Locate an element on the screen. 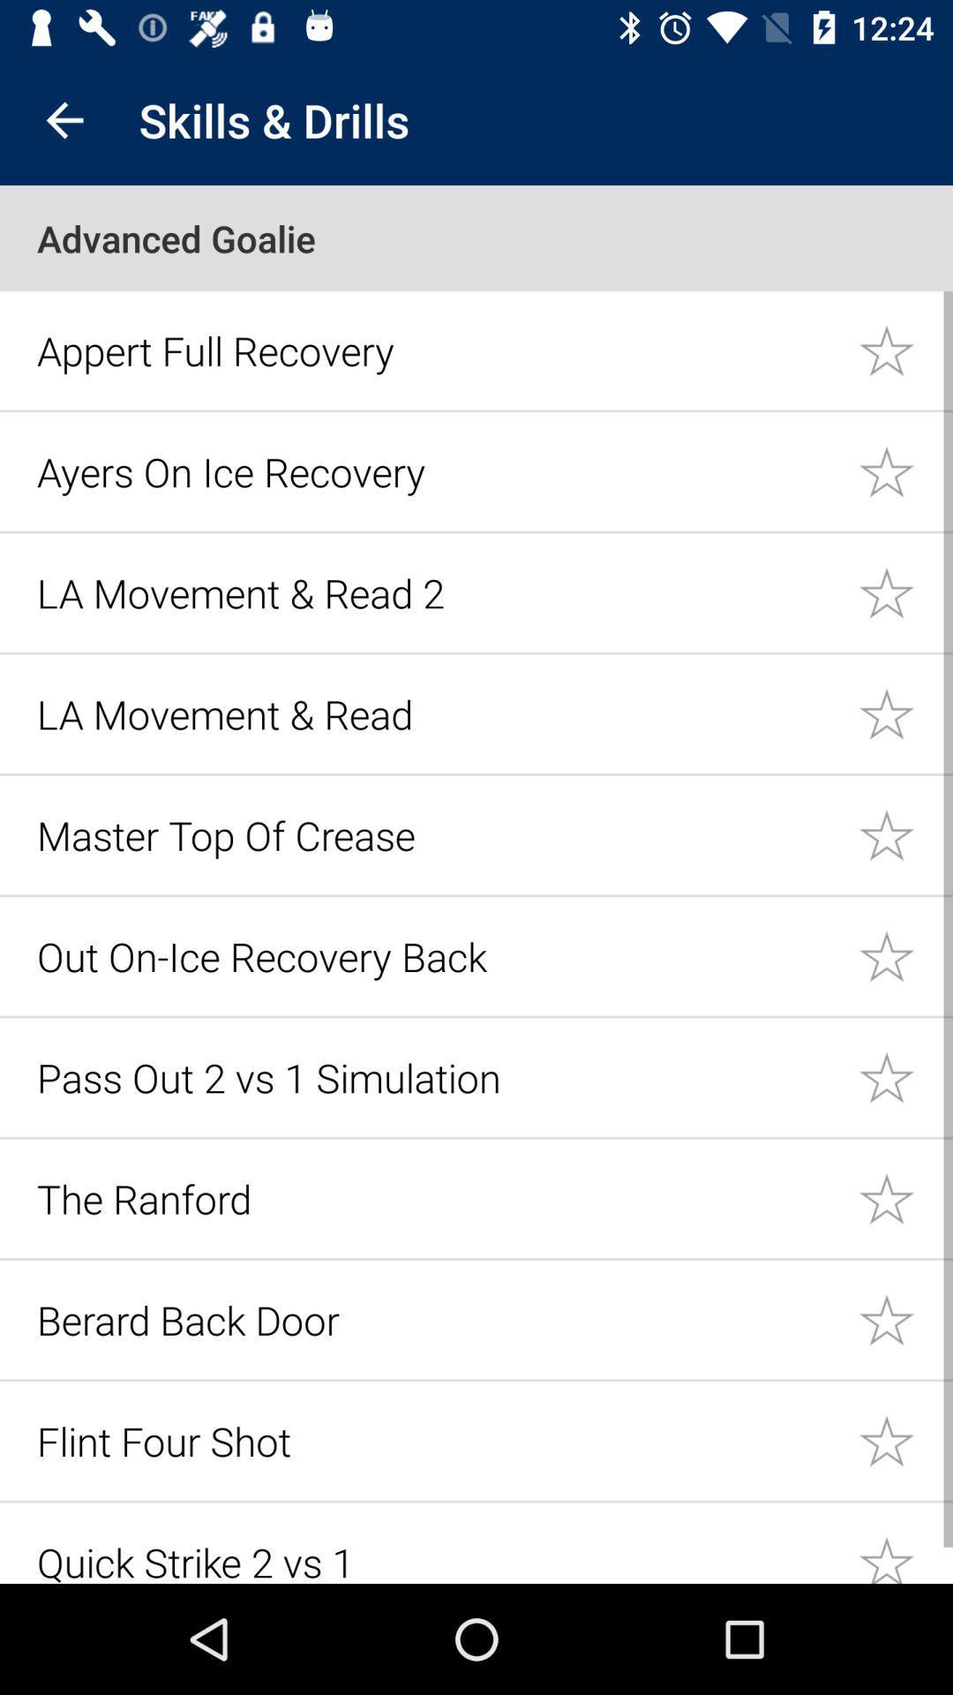 This screenshot has width=953, height=1695. quick strike 2 vs 1 is located at coordinates (905, 1543).